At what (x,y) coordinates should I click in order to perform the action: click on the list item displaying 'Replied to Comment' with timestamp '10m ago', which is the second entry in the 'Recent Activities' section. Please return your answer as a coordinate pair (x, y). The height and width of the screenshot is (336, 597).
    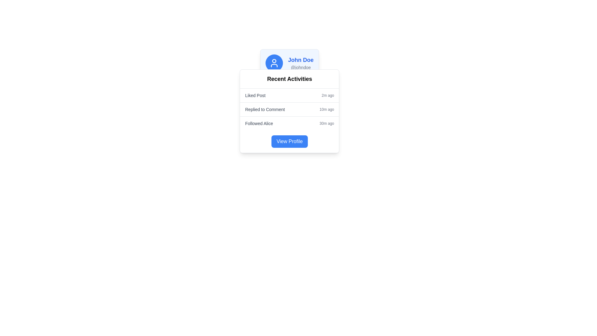
    Looking at the image, I should click on (289, 109).